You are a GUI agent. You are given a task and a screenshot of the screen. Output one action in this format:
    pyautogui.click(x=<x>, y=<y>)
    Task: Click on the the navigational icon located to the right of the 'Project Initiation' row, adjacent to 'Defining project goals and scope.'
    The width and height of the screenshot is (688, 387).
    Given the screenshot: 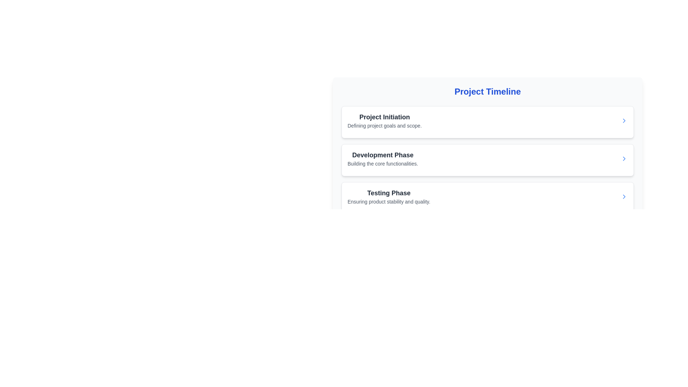 What is the action you would take?
    pyautogui.click(x=624, y=120)
    